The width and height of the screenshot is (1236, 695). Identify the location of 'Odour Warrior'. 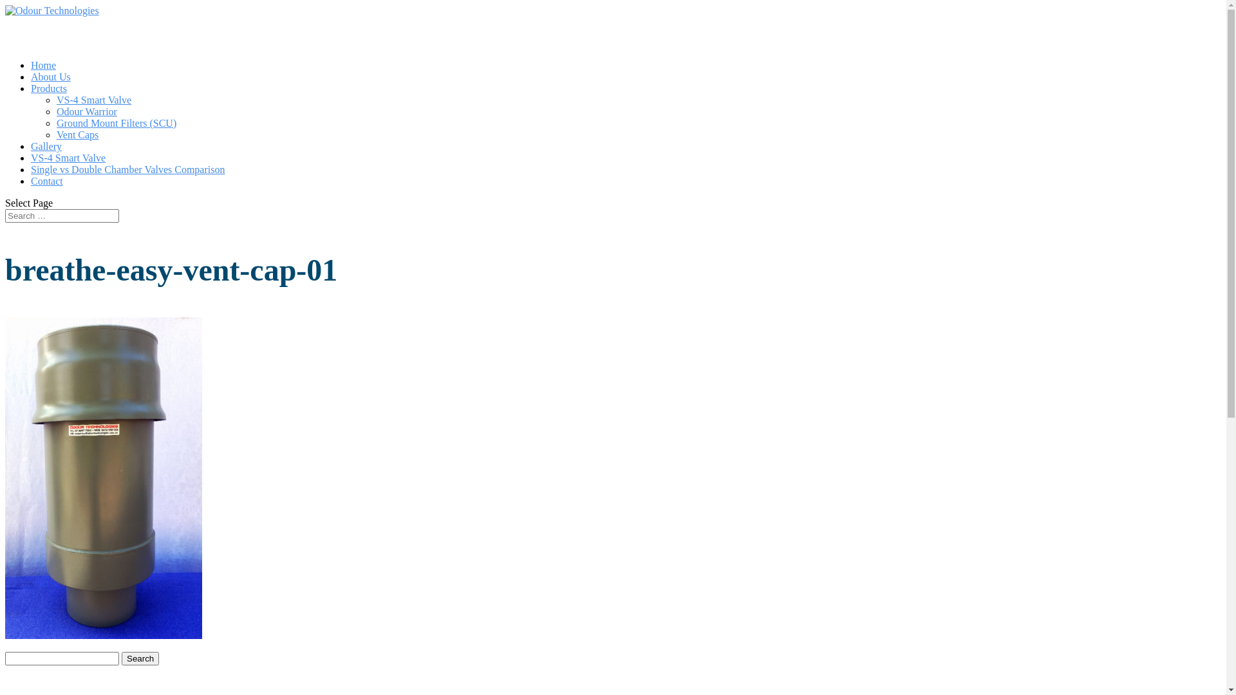
(86, 111).